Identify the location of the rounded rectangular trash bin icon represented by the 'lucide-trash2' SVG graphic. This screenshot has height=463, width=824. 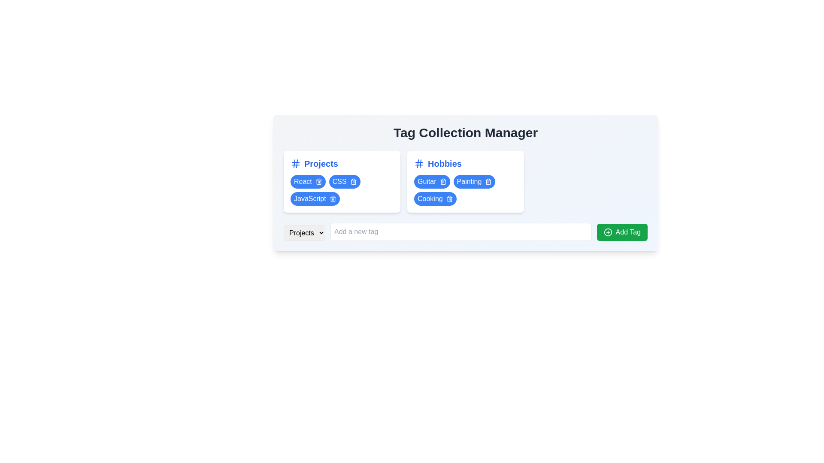
(318, 182).